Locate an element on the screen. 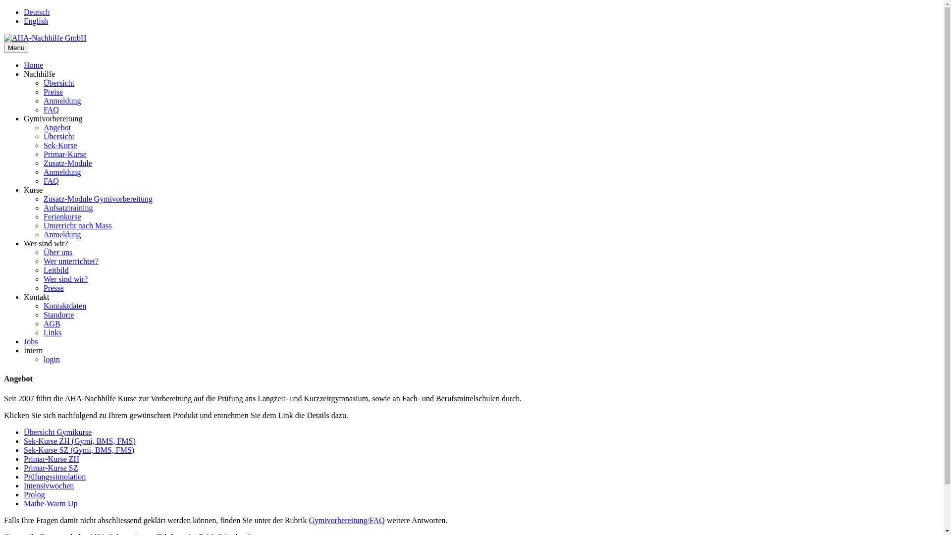 The height and width of the screenshot is (535, 951). 'Jobs' is located at coordinates (31, 341).